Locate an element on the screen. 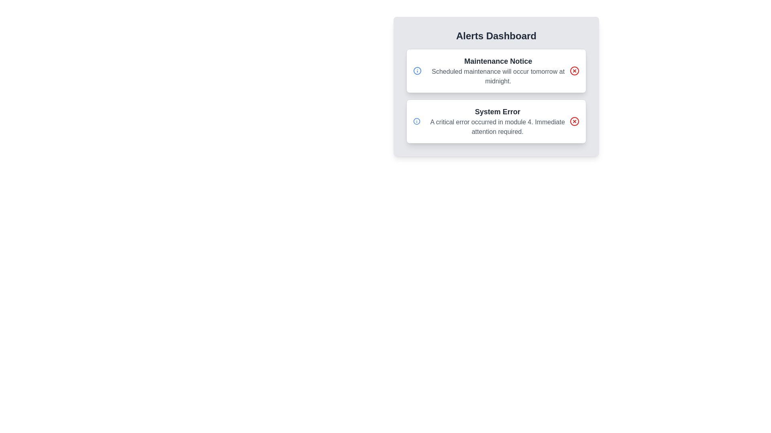 The image size is (771, 433). text content of the Notification box titled 'Maintenance Notice', which is a rounded rectangular box with a white background and gray border, containing an informational icon and a red interaction icon is located at coordinates (496, 71).